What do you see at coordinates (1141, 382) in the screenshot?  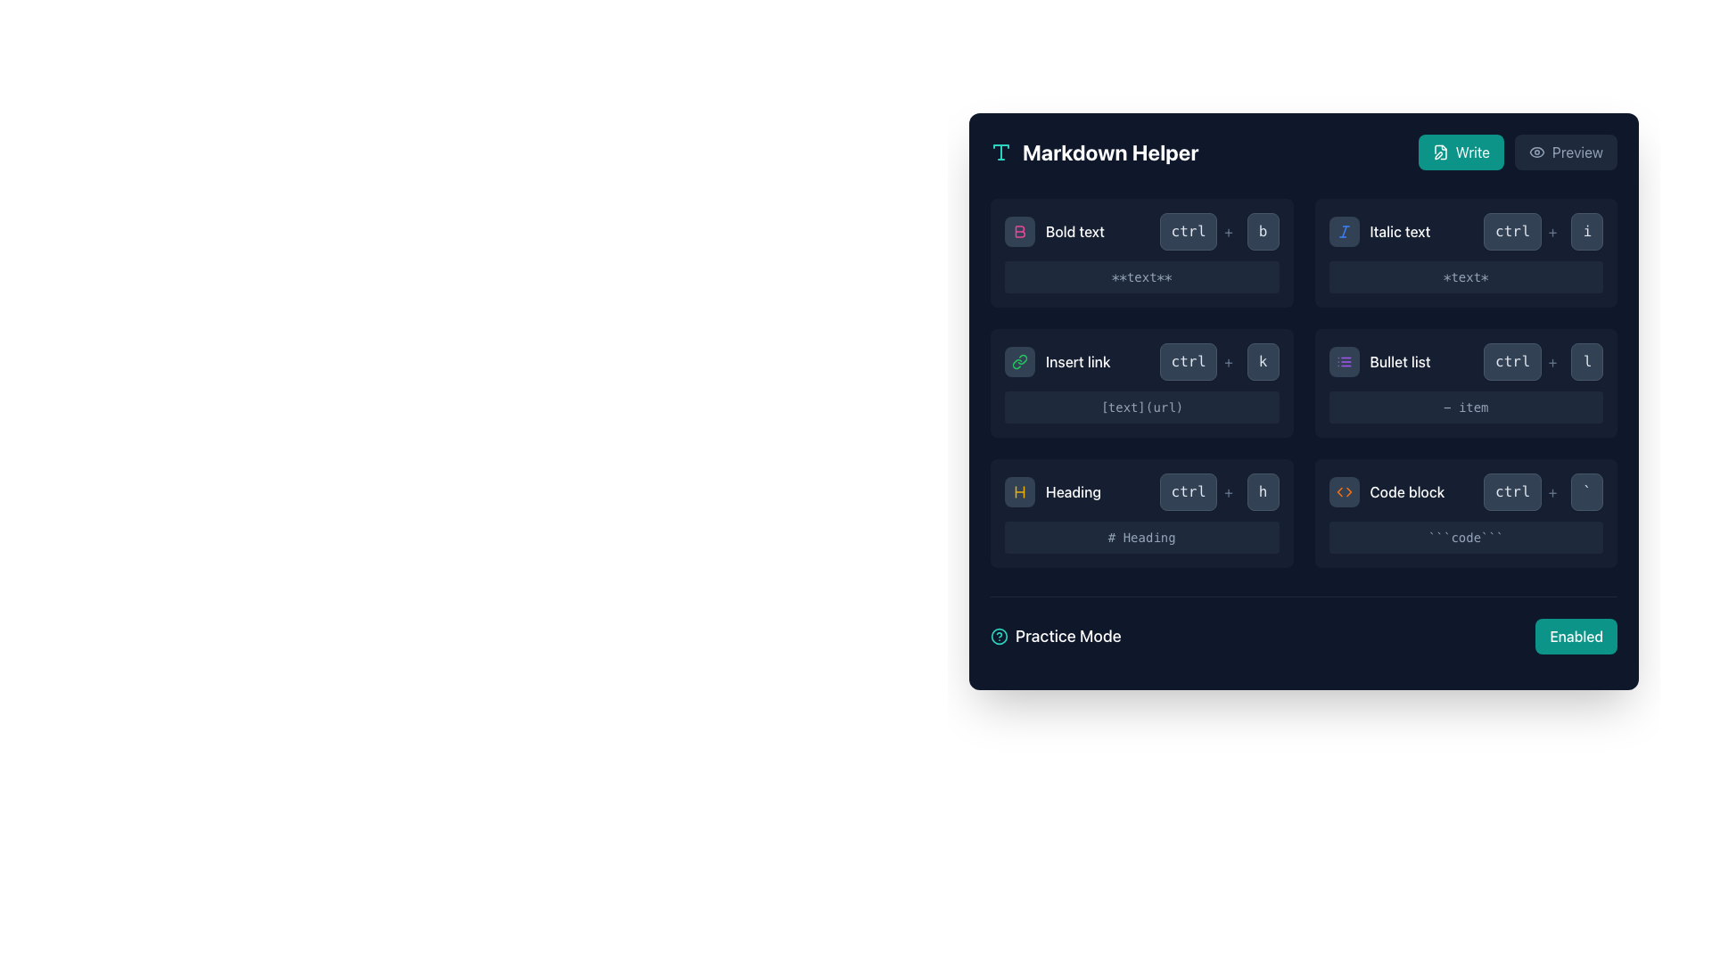 I see `the composite UI card element for inserting hyperlinks in the markdown document, located under the 'Markdown Helper' section` at bounding box center [1141, 382].